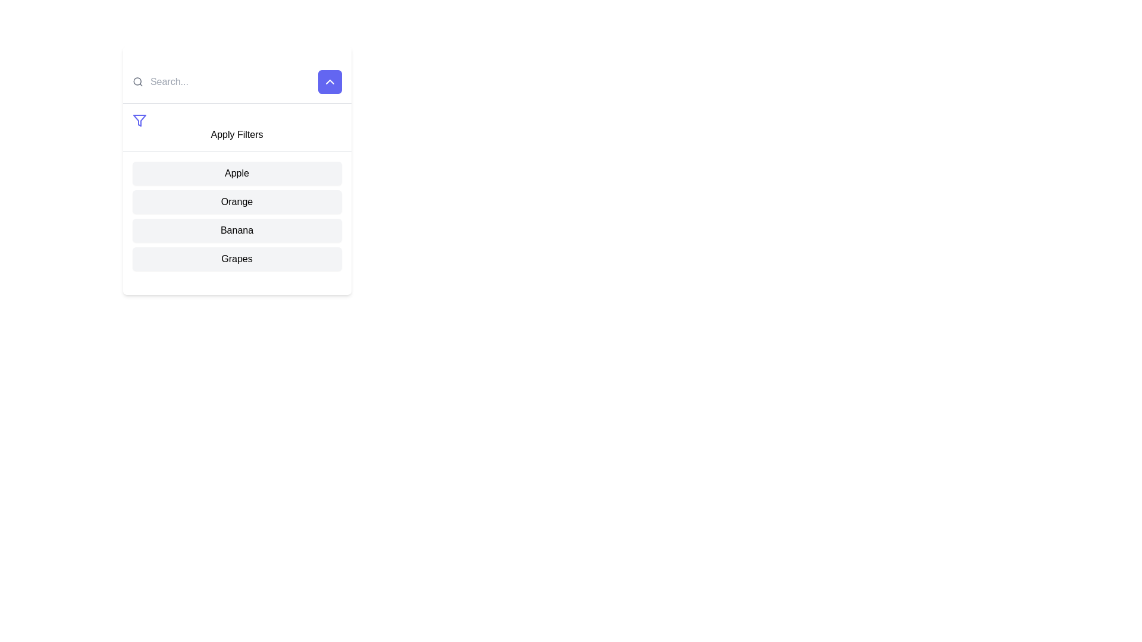 This screenshot has height=642, width=1142. Describe the element at coordinates (237, 258) in the screenshot. I see `the 'Grapes' button-like list item, which is the fourth item in a vertical list below 'Banana'` at that location.